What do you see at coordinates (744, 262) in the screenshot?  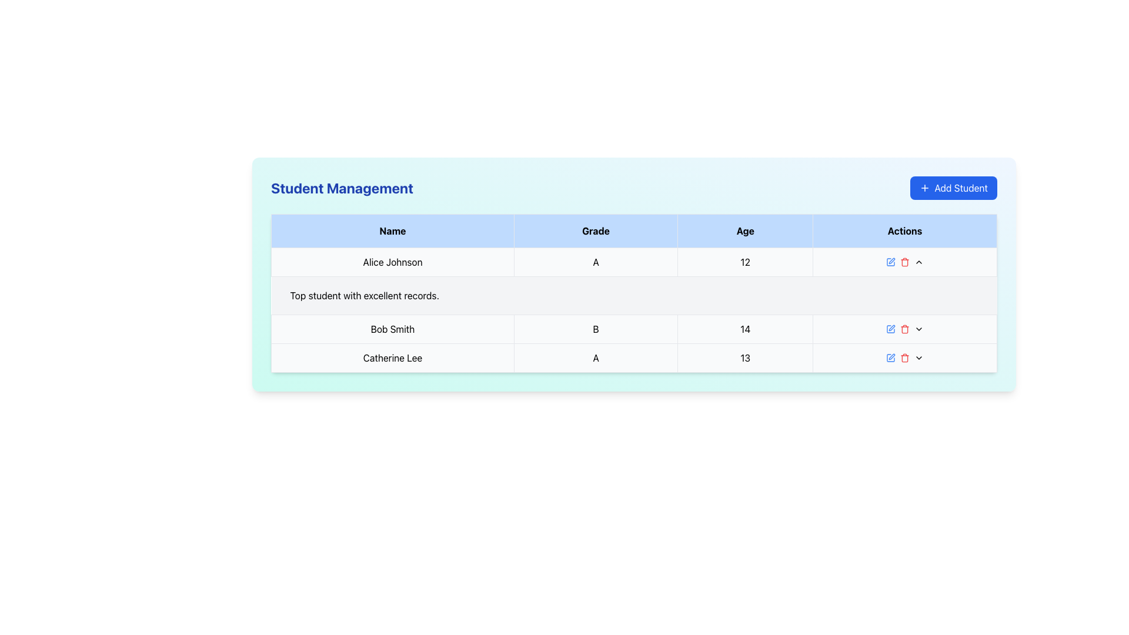 I see `the table cell that displays the age of the student 'Alice Johnson', located in the first row of the 'Age' column` at bounding box center [744, 262].